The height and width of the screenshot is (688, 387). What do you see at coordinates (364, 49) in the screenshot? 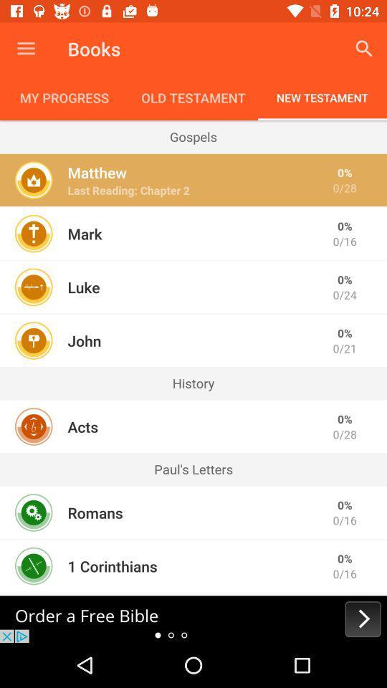
I see `the item to the right of books icon` at bounding box center [364, 49].